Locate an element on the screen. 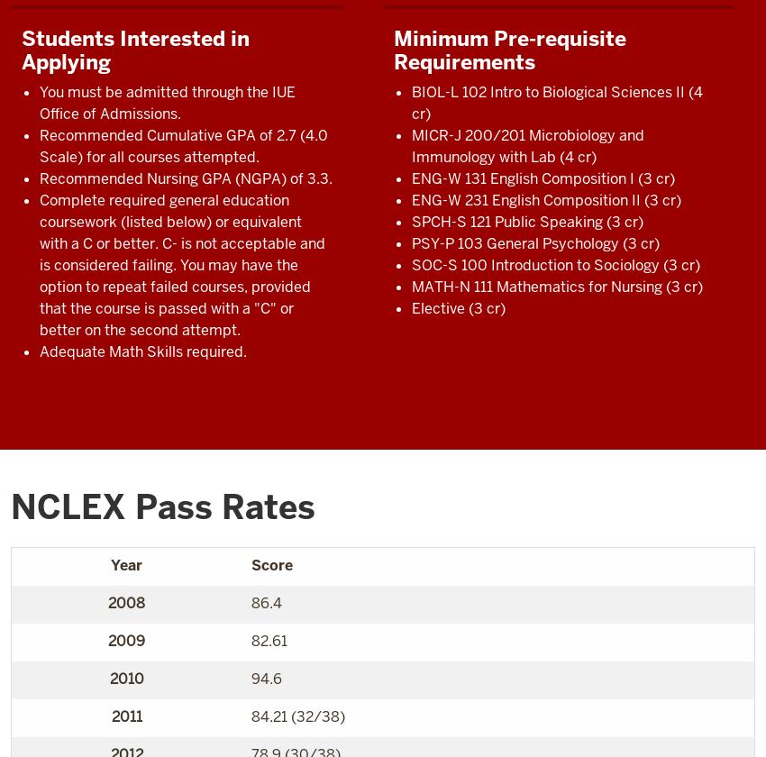  'SPCH-S 121' is located at coordinates (451, 221).